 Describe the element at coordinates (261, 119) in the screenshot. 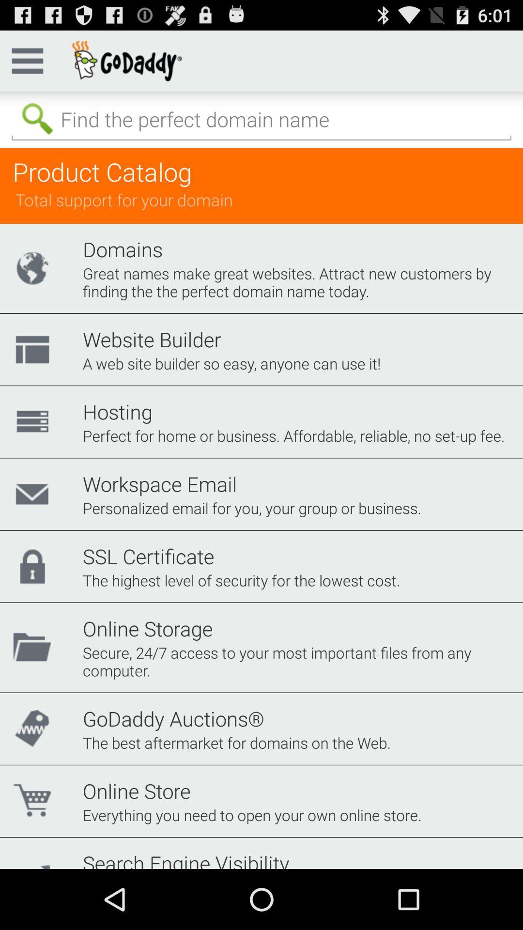

I see `search domain name` at that location.